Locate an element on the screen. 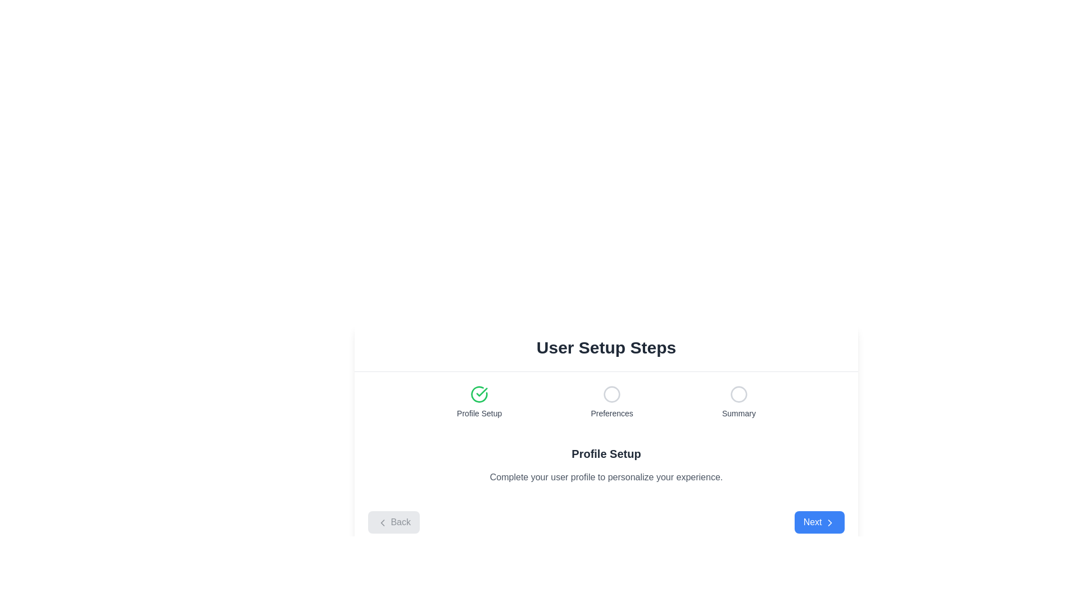 This screenshot has width=1079, height=606. the centered text title 'User Setup Steps', which is a bold and large heading positioned at the top of the panel in the user setup flow is located at coordinates (606, 347).